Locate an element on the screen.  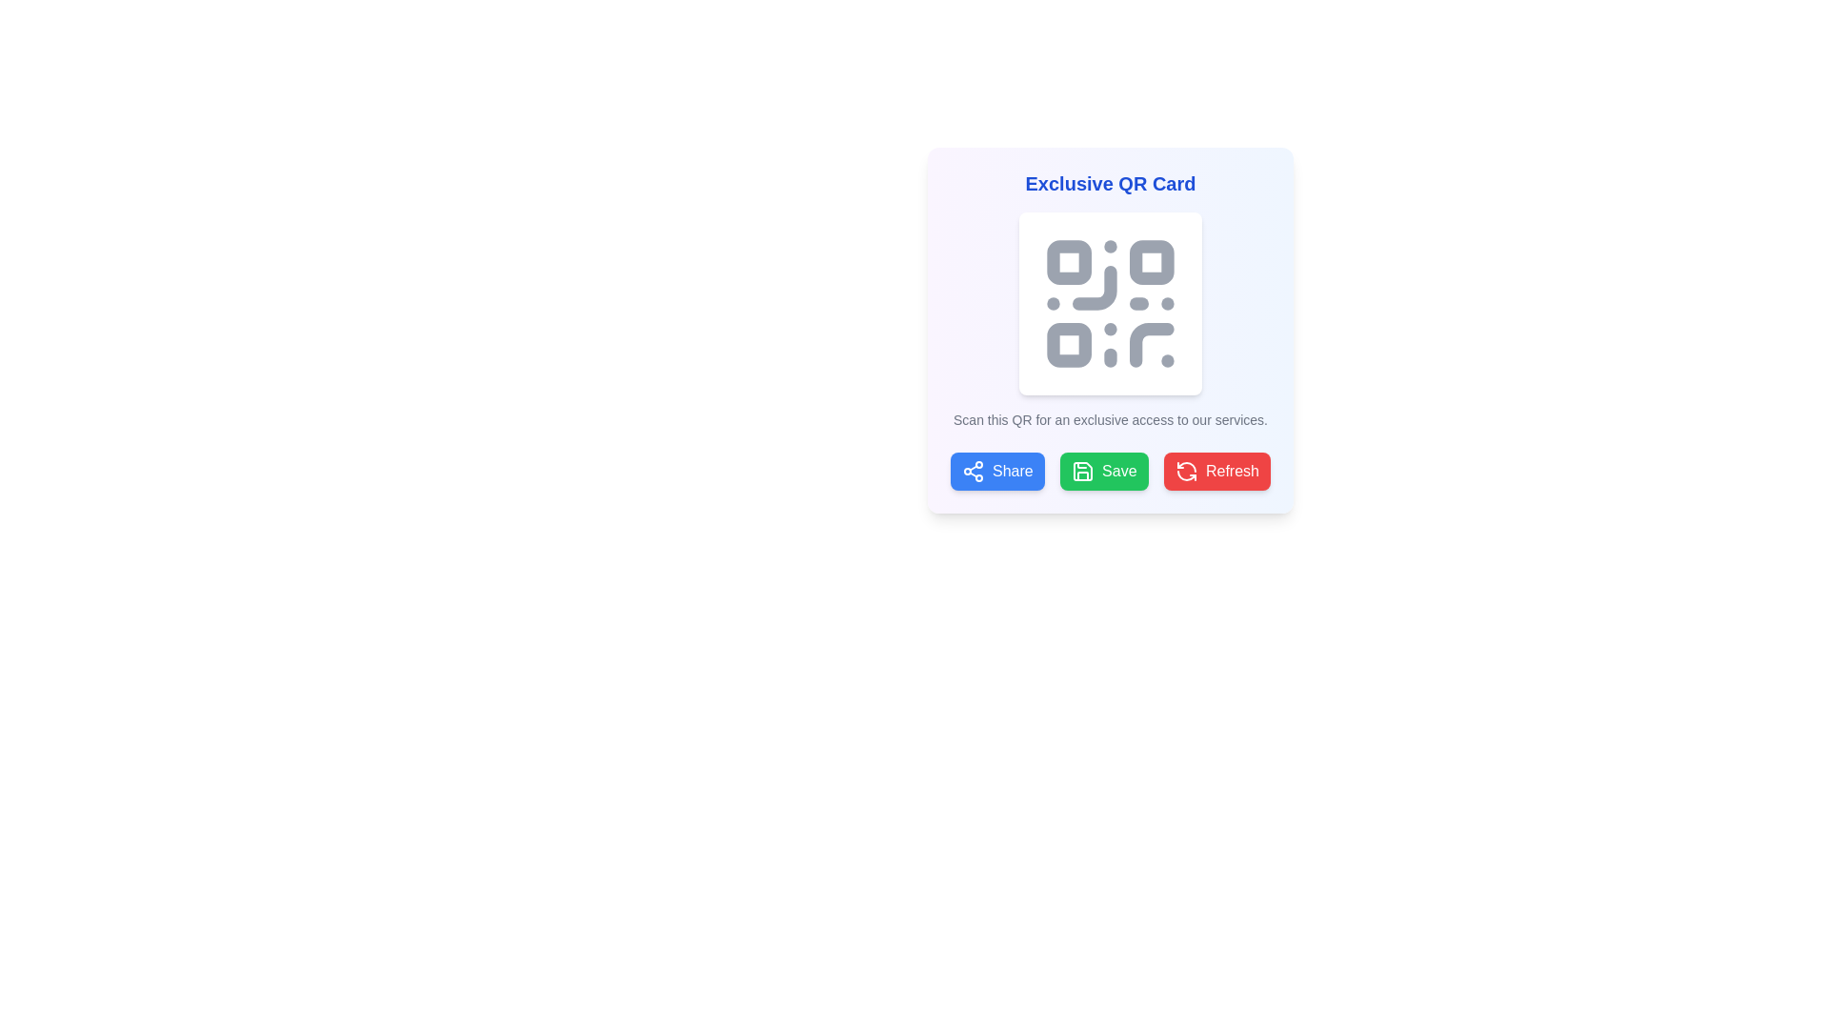
the small square with rounded corners in the upper-left corner of the QR code graphic, which is filled with a noticeable shade of gray is located at coordinates (1069, 262).